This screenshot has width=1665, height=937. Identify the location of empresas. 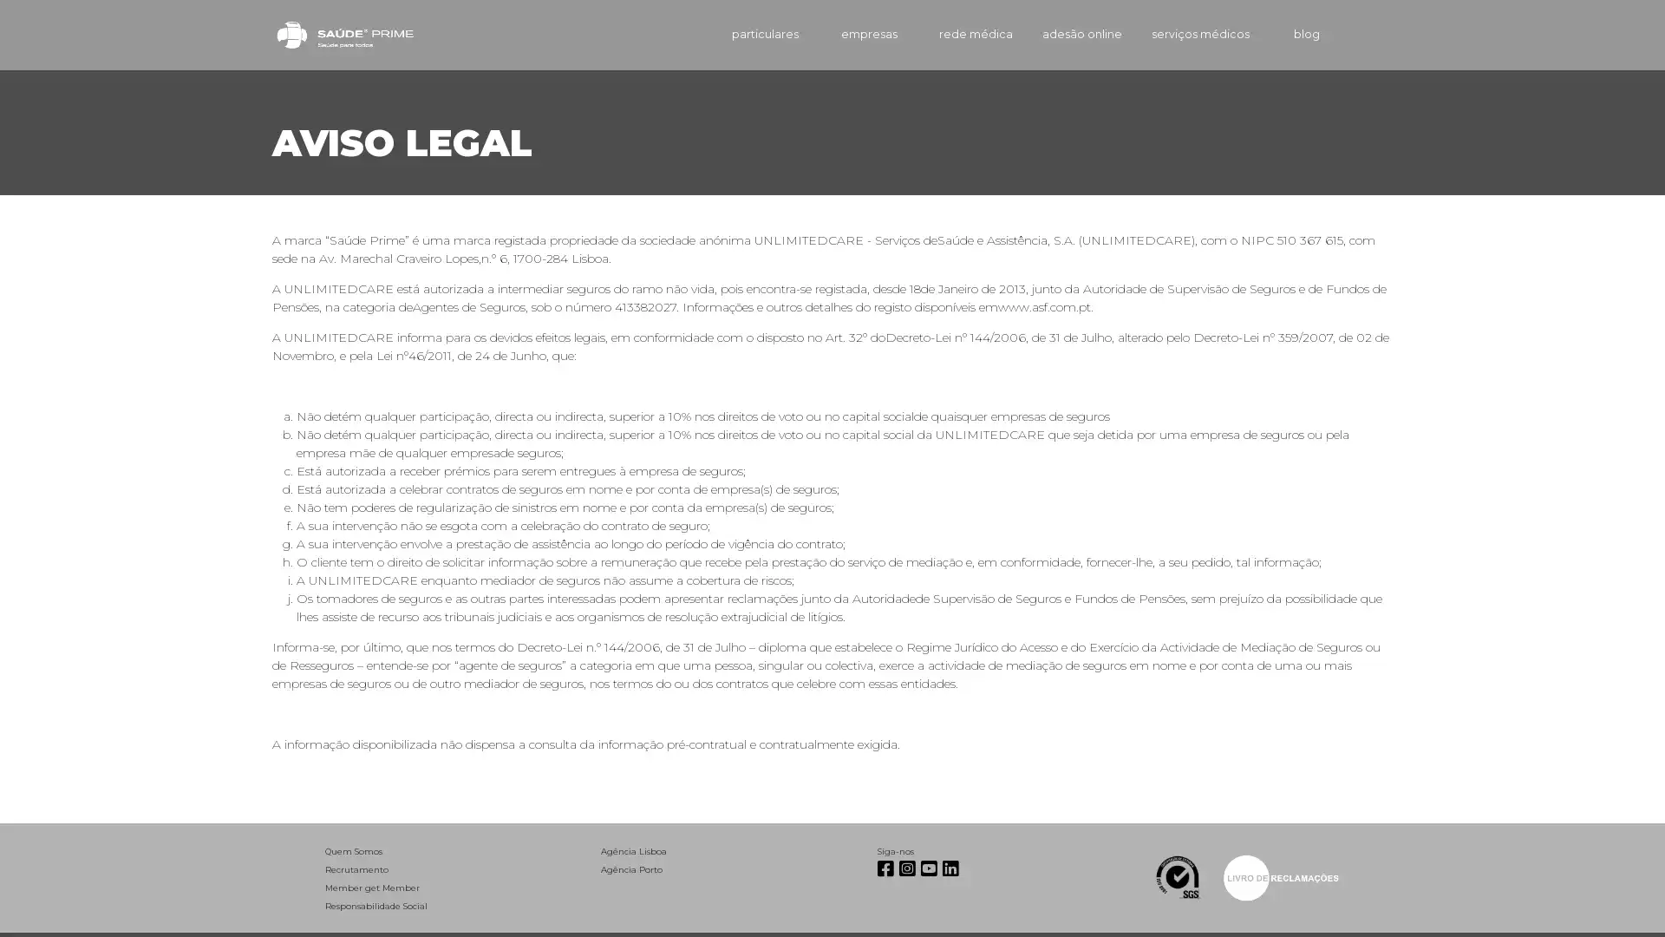
(845, 34).